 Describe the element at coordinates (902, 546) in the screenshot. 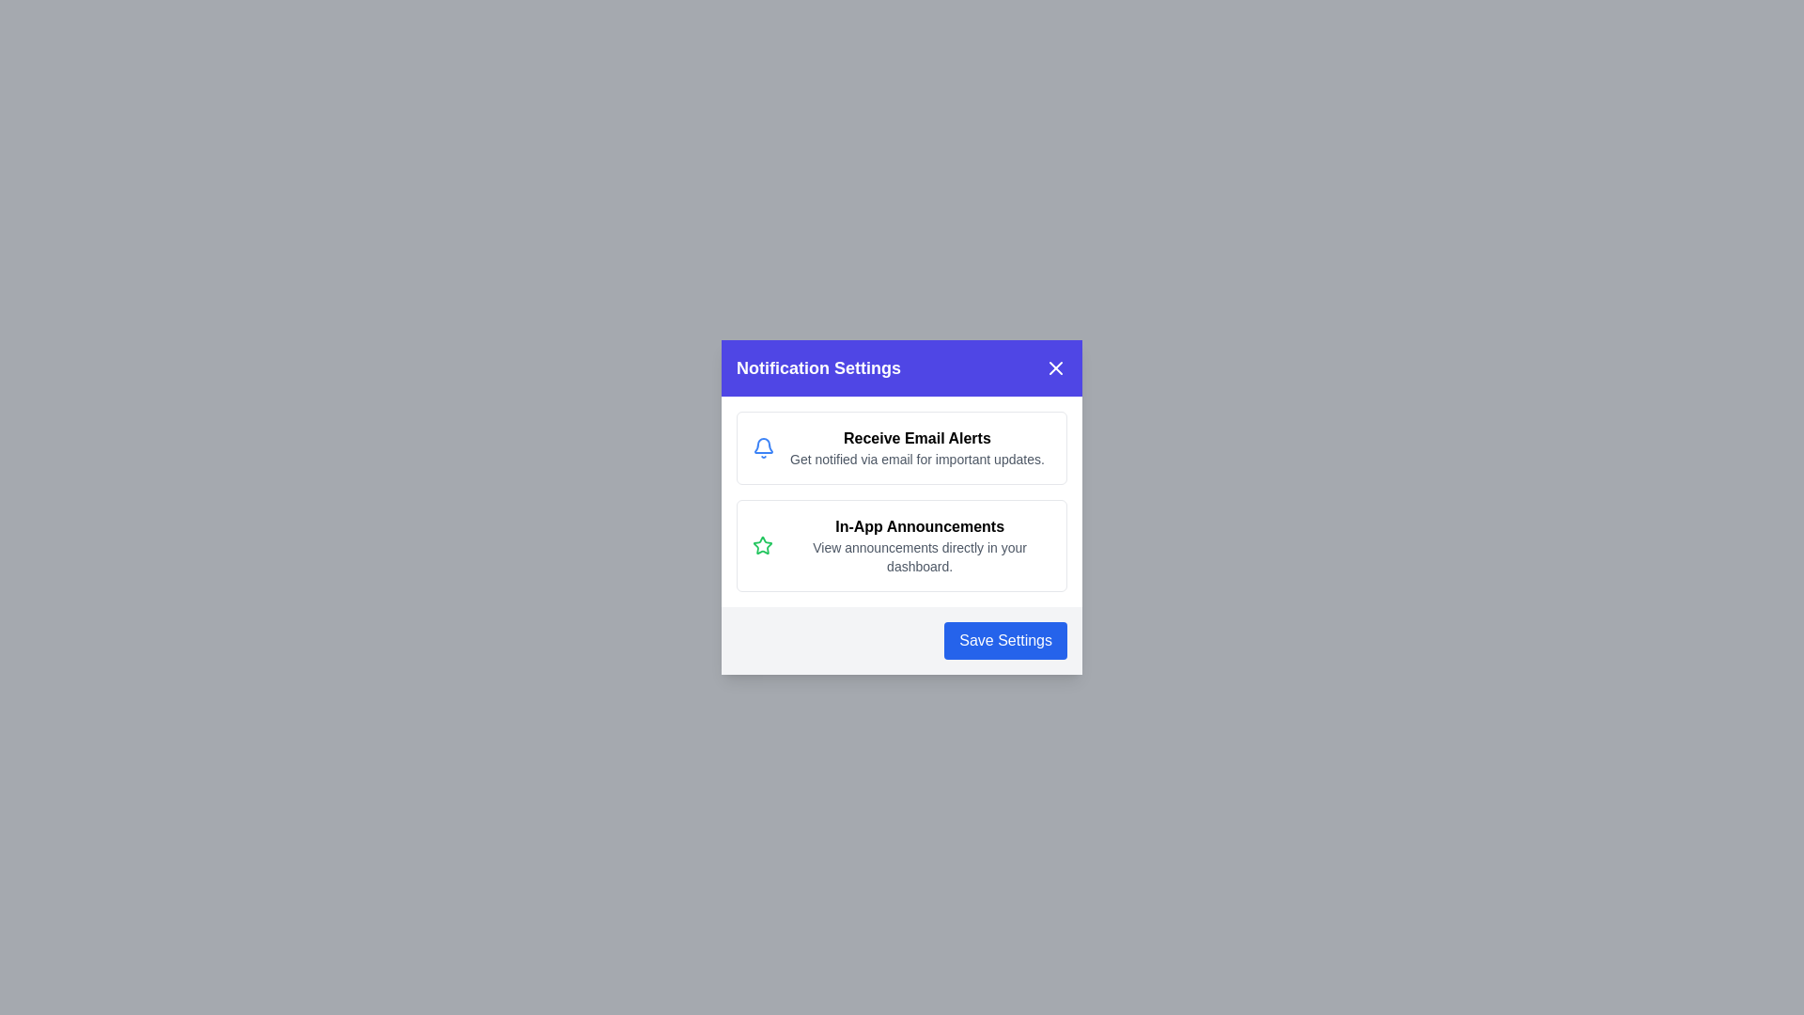

I see `the notification setting item In-App Announcements to toggle its state` at that location.